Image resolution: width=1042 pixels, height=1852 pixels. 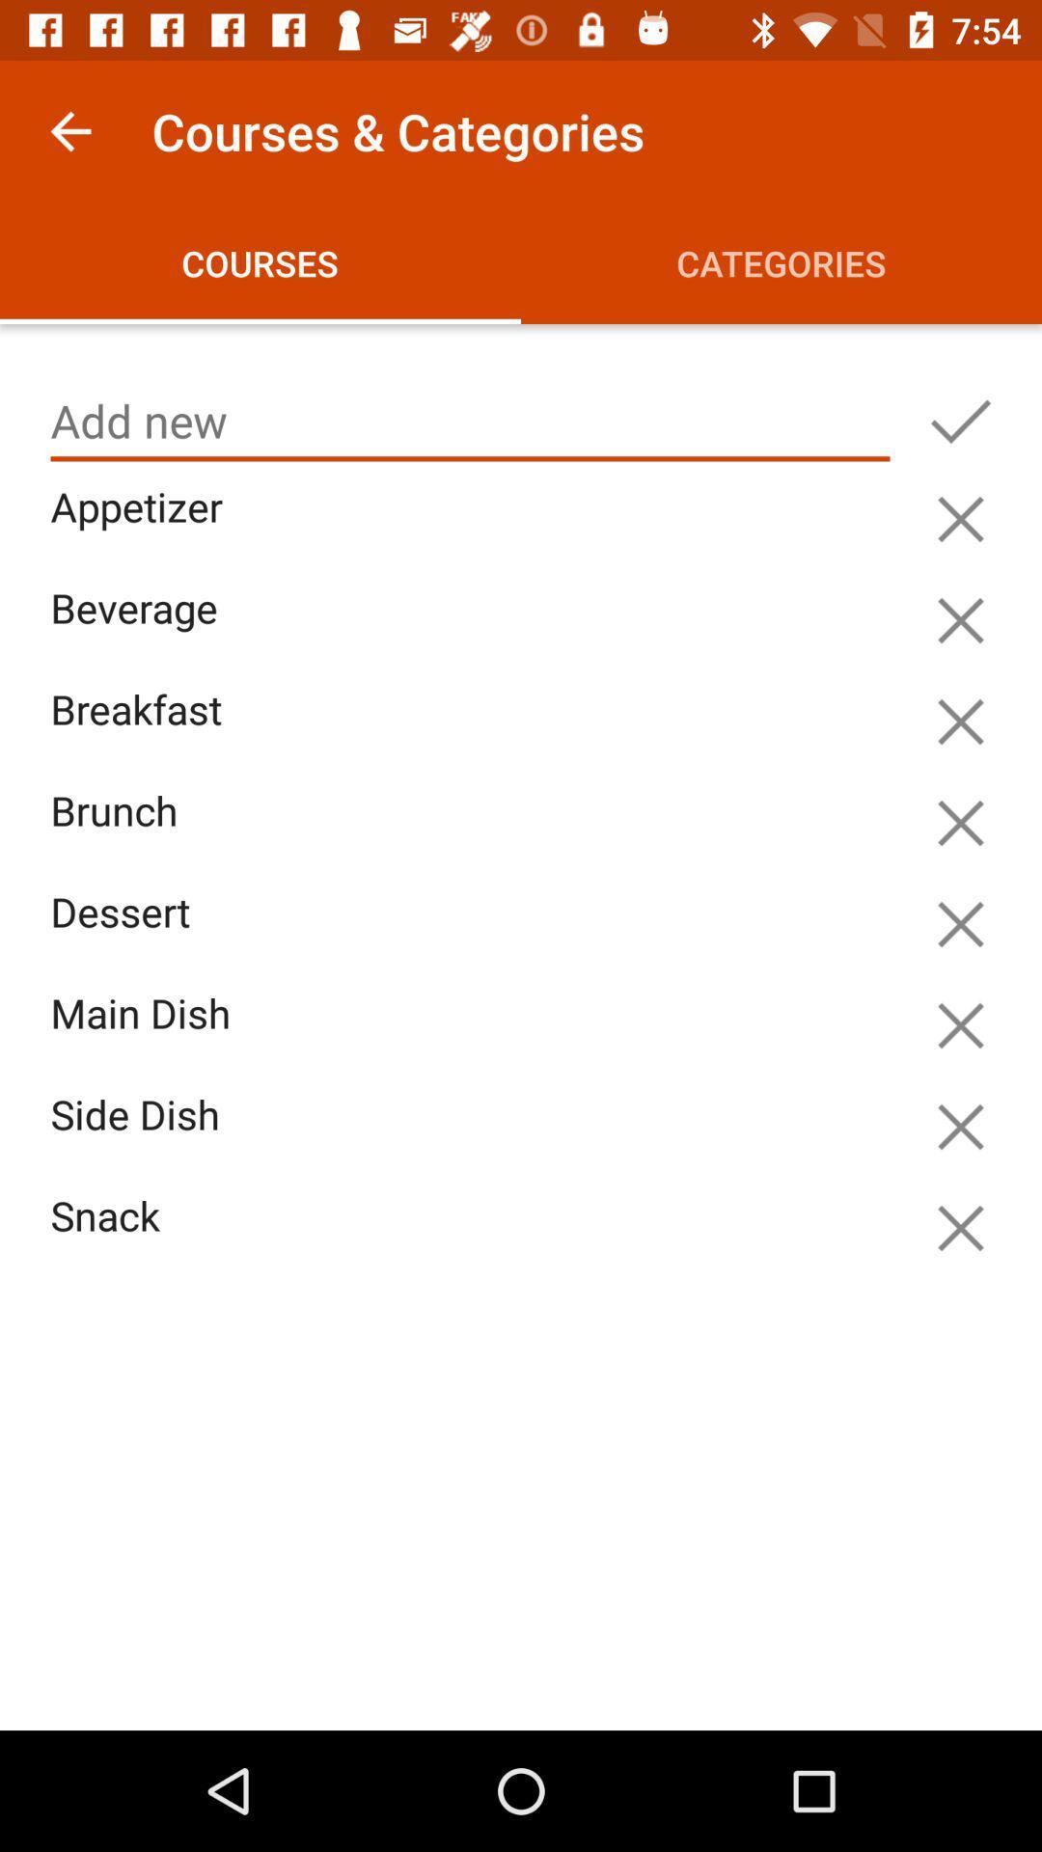 What do you see at coordinates (960, 823) in the screenshot?
I see `remove option` at bounding box center [960, 823].